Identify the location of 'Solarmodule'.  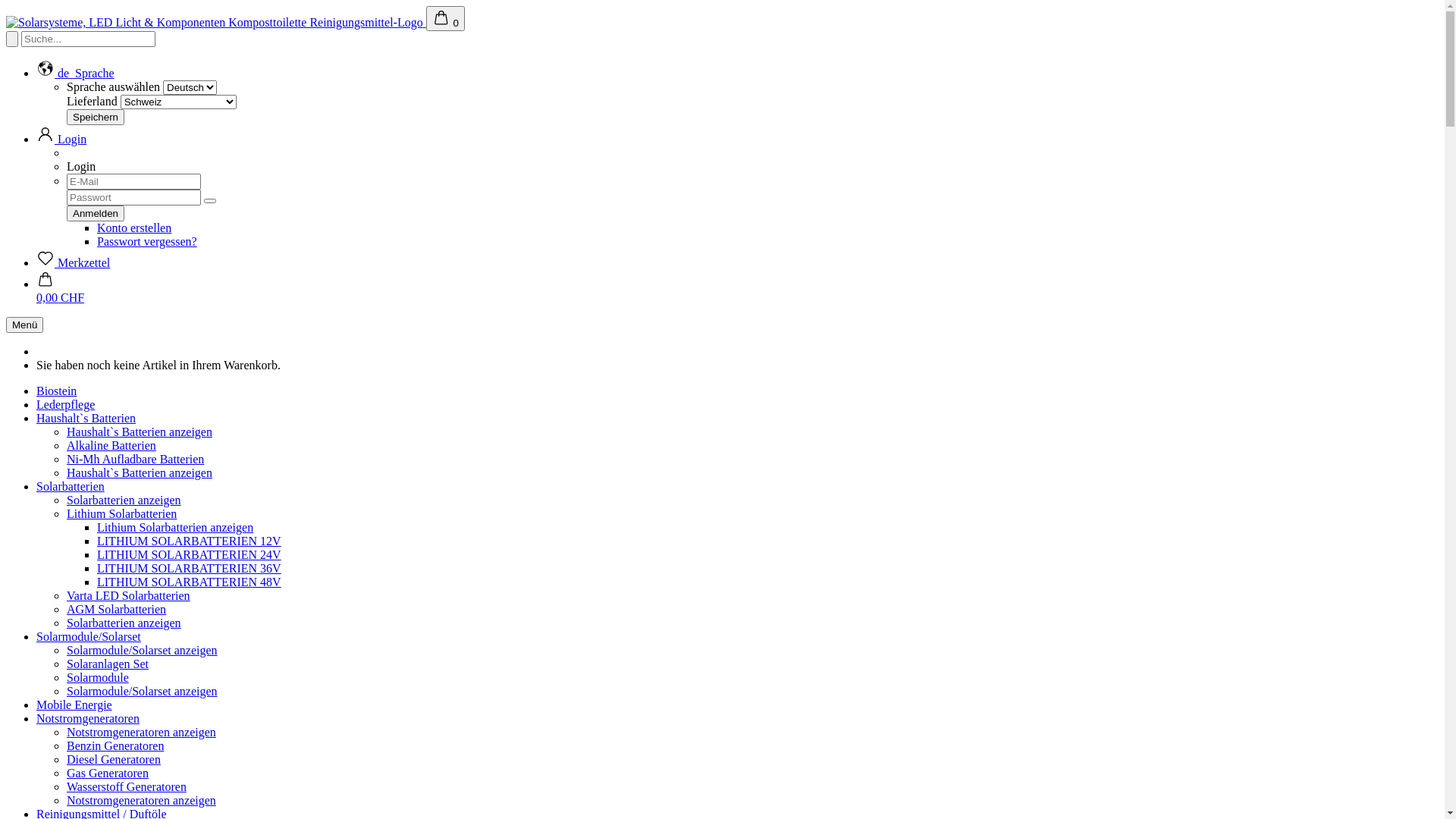
(97, 676).